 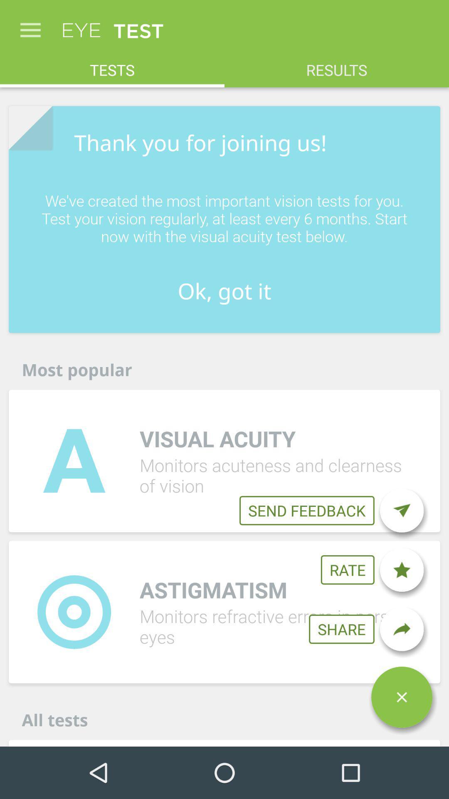 What do you see at coordinates (224, 291) in the screenshot?
I see `the ok, got it icon` at bounding box center [224, 291].